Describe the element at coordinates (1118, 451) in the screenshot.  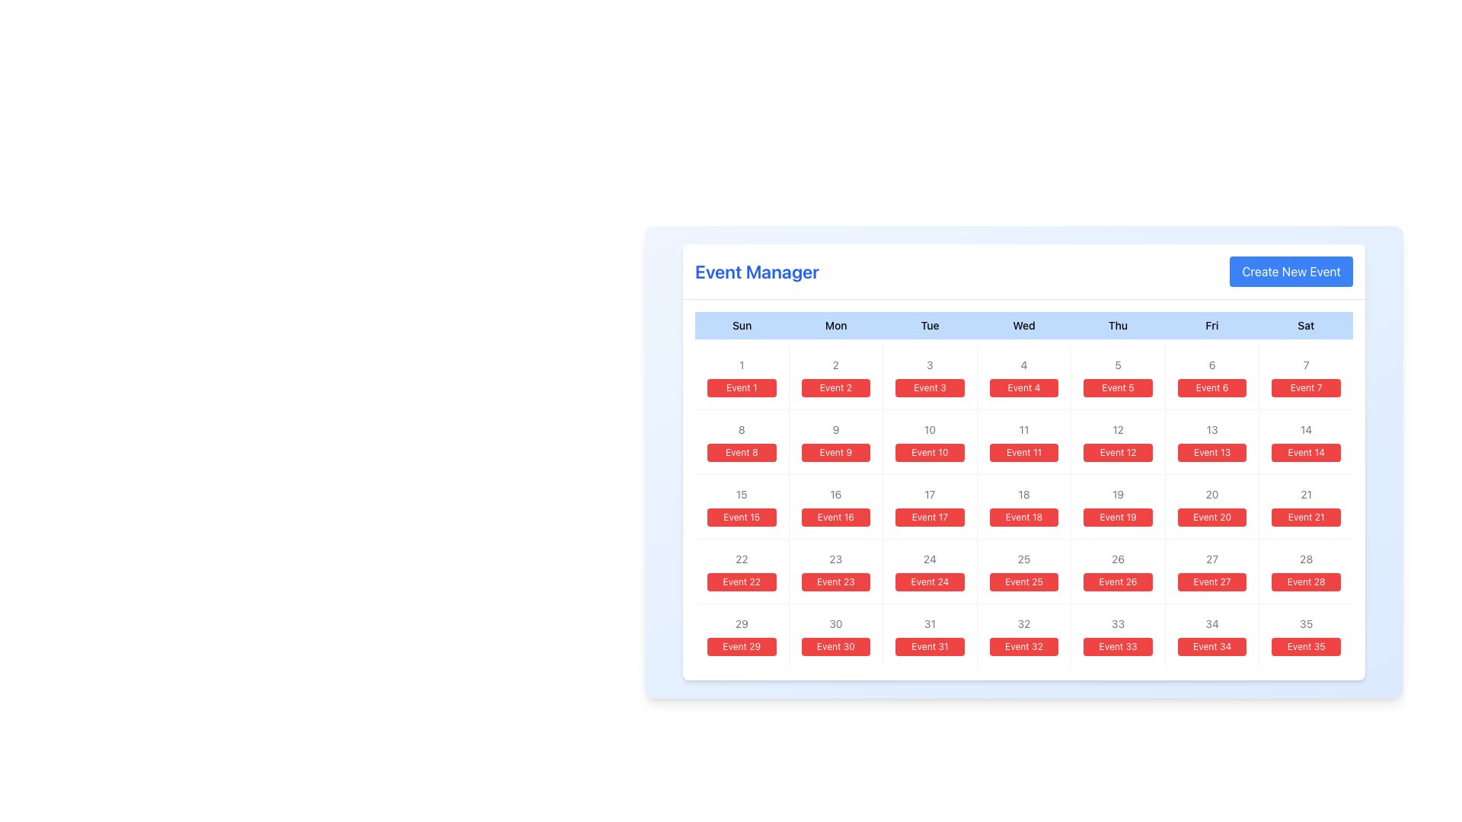
I see `the Button-like label with a red rectangular background and white text displaying 'Event 12', located under the column labeled 'Thu' in the calendar view` at that location.